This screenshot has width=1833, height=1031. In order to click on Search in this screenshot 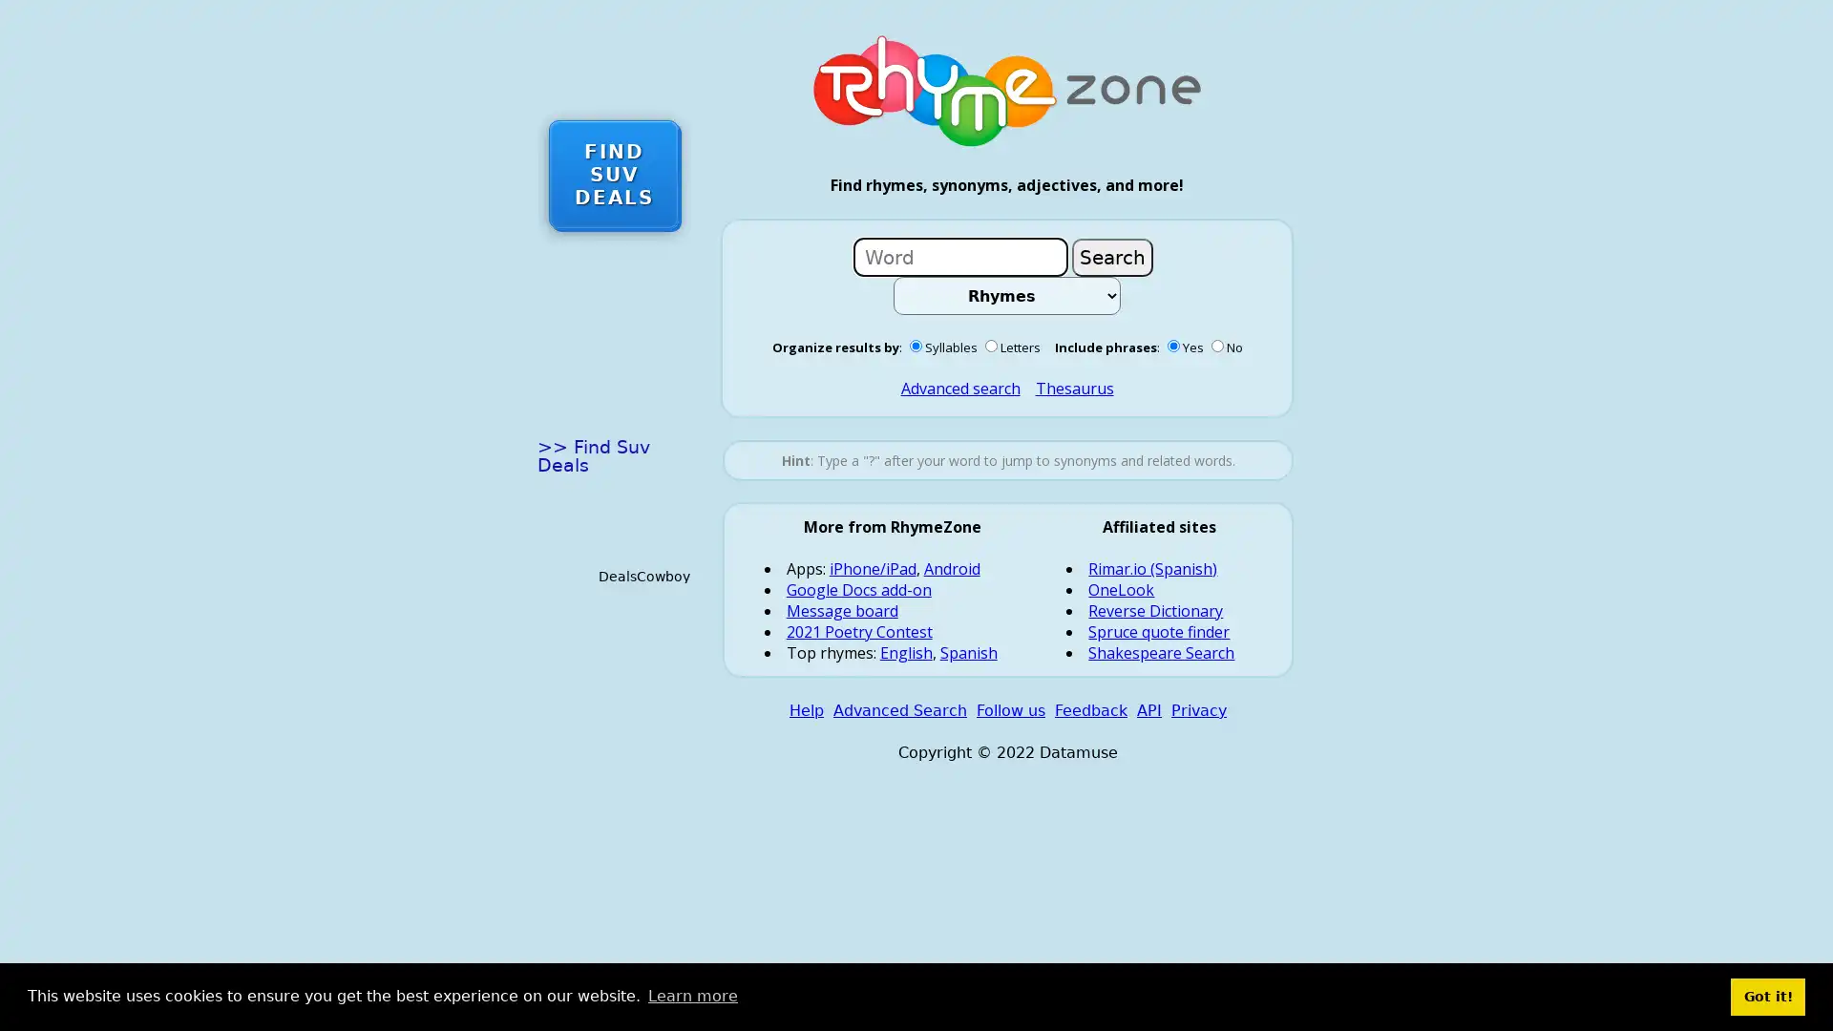, I will do `click(1112, 256)`.